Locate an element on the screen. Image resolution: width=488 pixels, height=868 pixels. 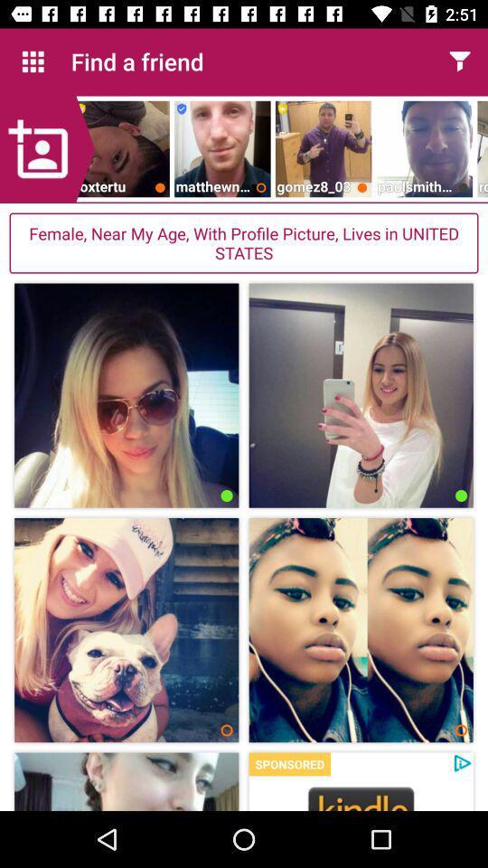
the icon next to the find a friend is located at coordinates (33, 61).